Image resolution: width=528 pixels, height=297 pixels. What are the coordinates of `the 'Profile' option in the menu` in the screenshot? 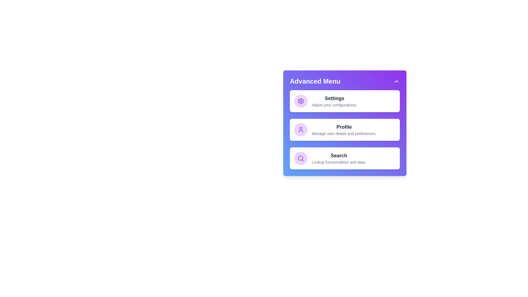 It's located at (344, 130).